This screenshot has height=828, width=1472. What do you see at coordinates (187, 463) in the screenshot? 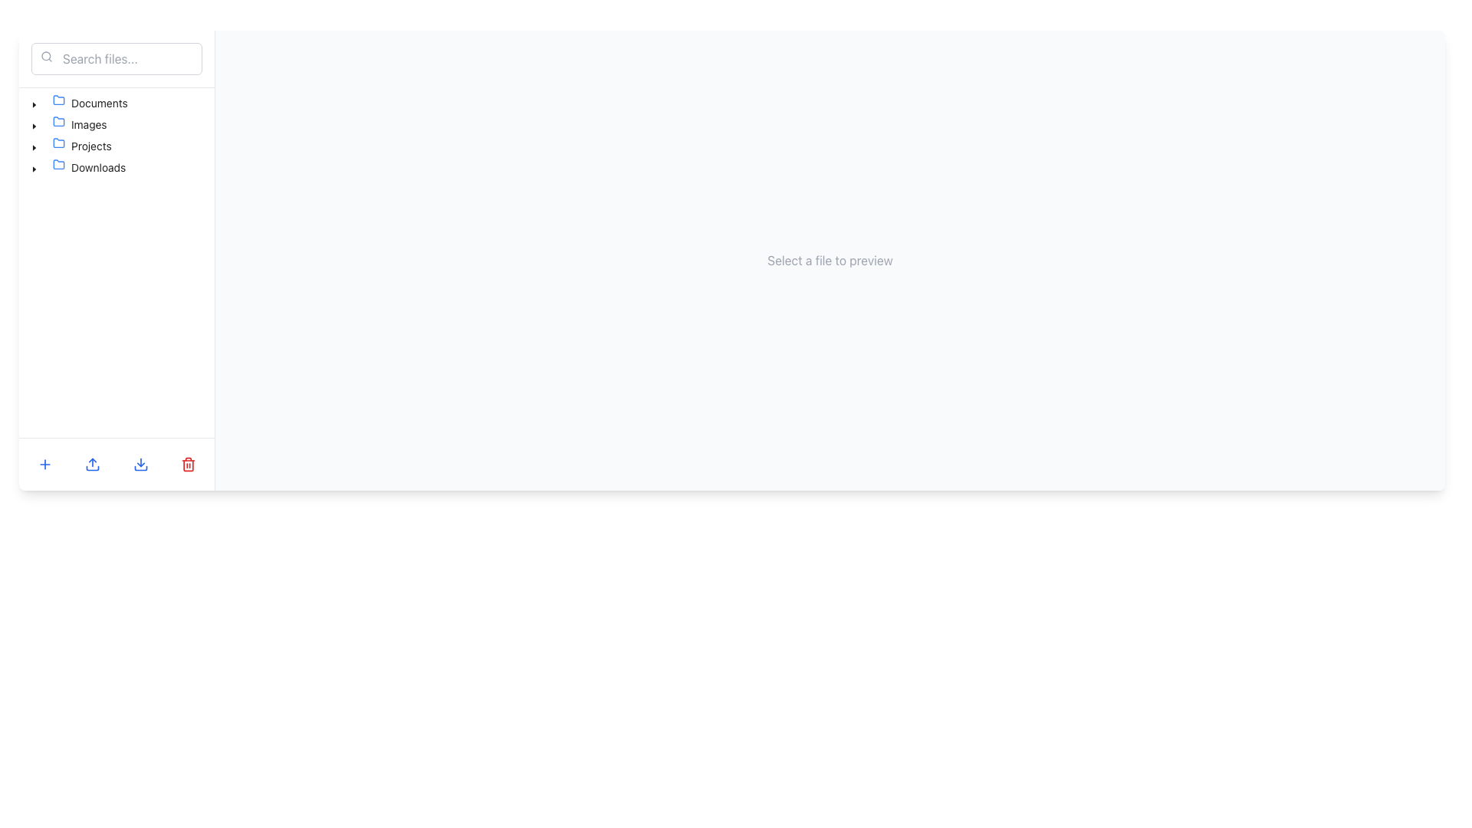
I see `an item` at bounding box center [187, 463].